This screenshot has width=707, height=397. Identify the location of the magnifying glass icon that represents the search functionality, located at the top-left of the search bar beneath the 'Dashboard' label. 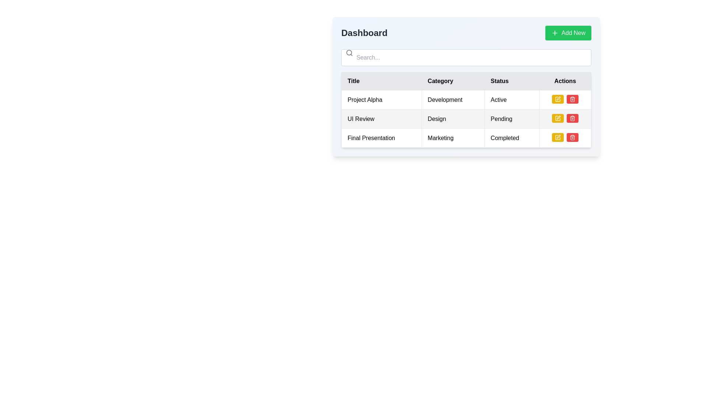
(349, 52).